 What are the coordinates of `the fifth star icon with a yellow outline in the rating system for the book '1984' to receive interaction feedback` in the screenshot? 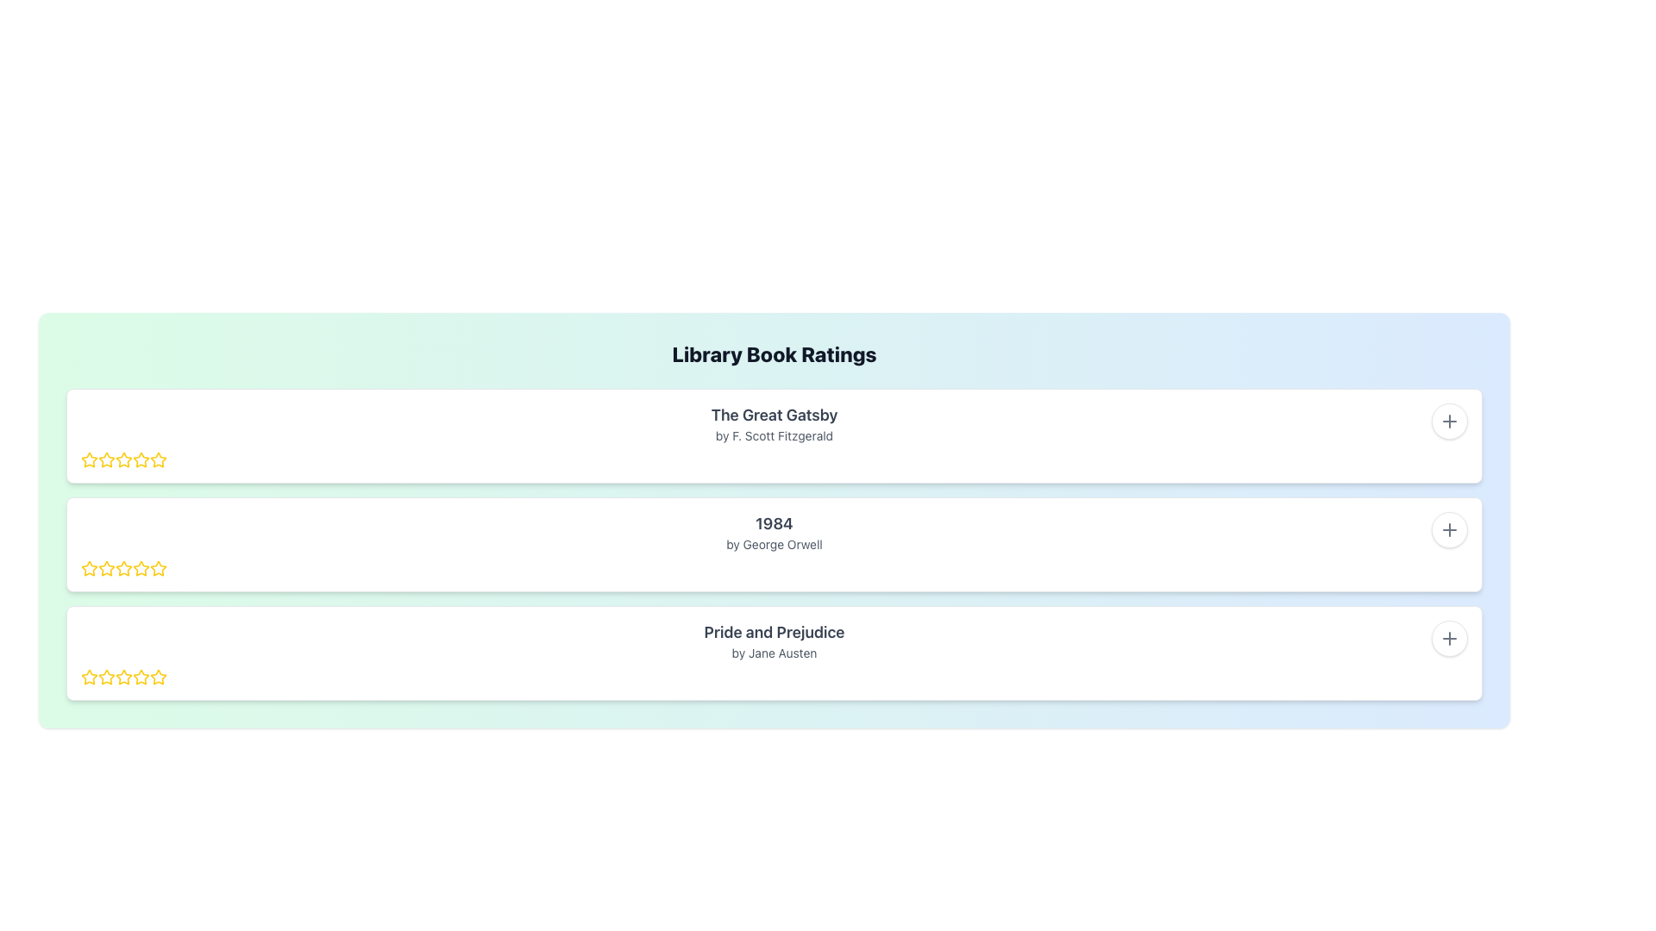 It's located at (123, 568).